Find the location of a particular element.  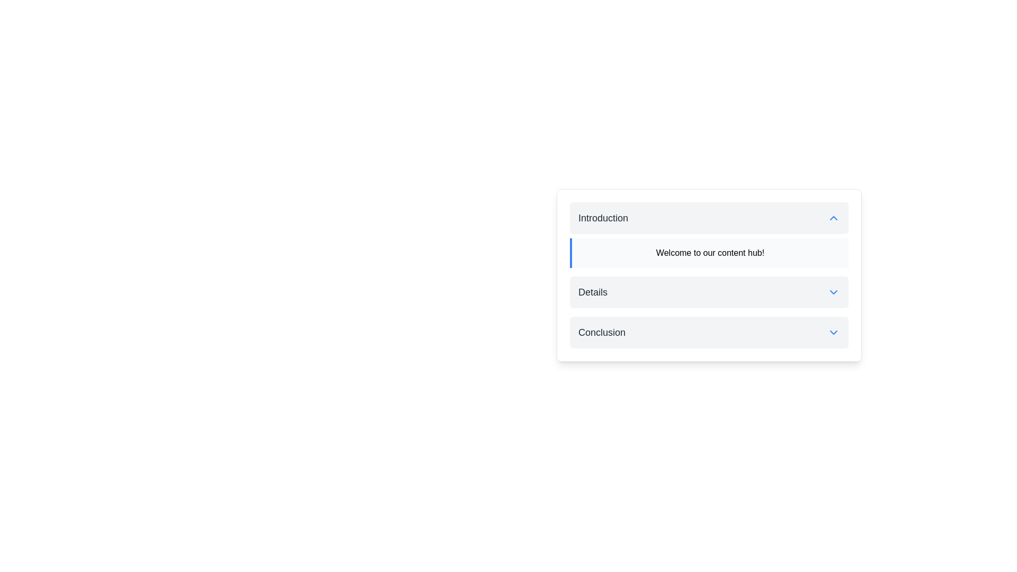

the chevron-down icon next to the 'Conclusion' text is located at coordinates (833, 332).